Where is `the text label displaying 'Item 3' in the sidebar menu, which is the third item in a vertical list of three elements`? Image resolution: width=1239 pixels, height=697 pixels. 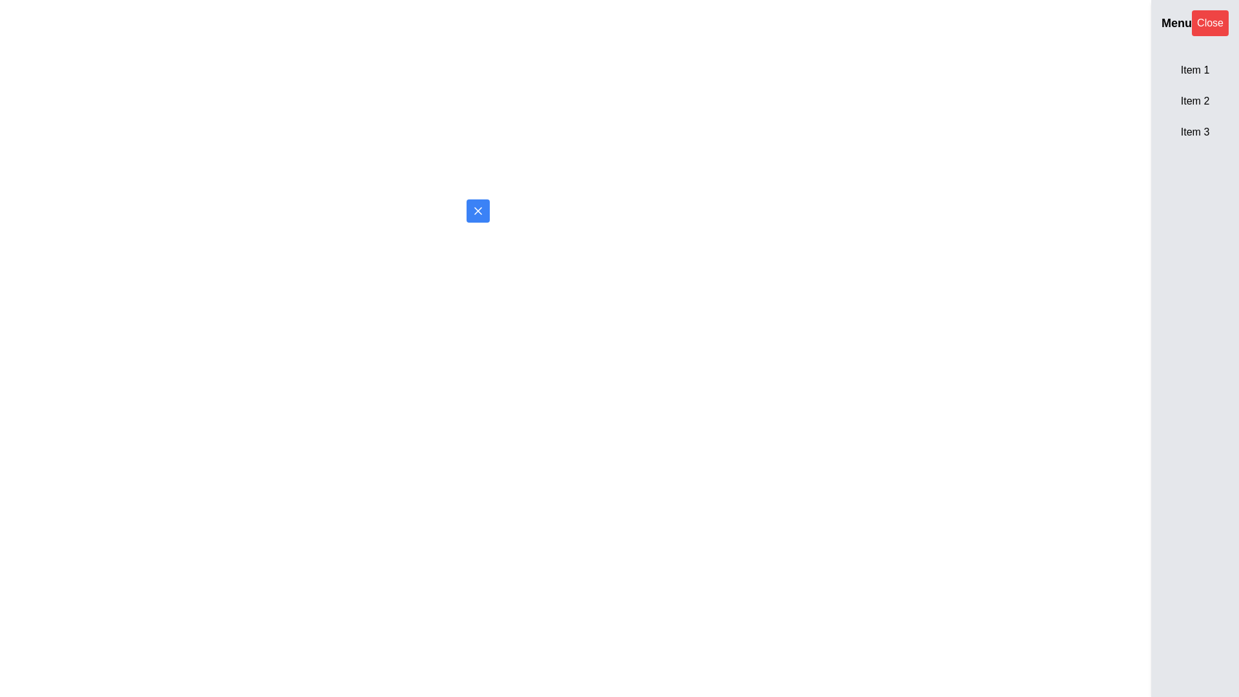
the text label displaying 'Item 3' in the sidebar menu, which is the third item in a vertical list of three elements is located at coordinates (1194, 132).